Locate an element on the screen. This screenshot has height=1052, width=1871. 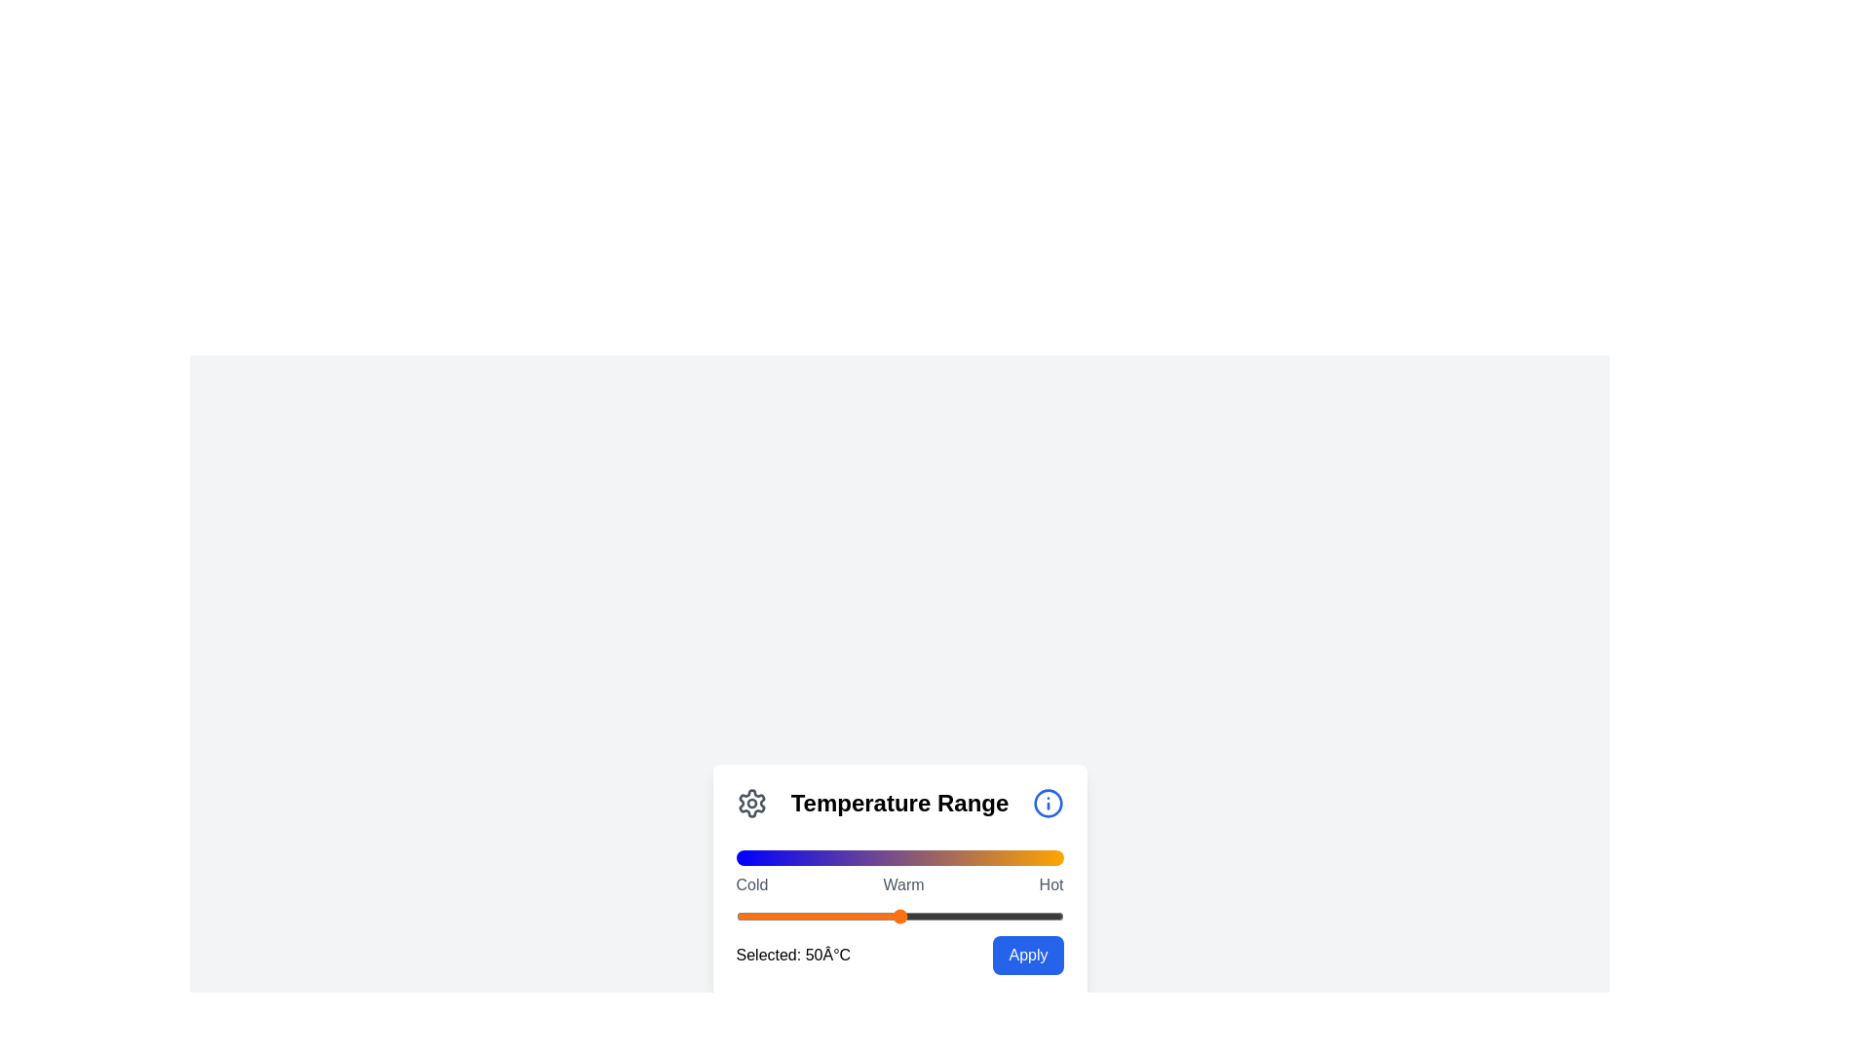
the slider to set the temperature value to 47 is located at coordinates (889, 917).